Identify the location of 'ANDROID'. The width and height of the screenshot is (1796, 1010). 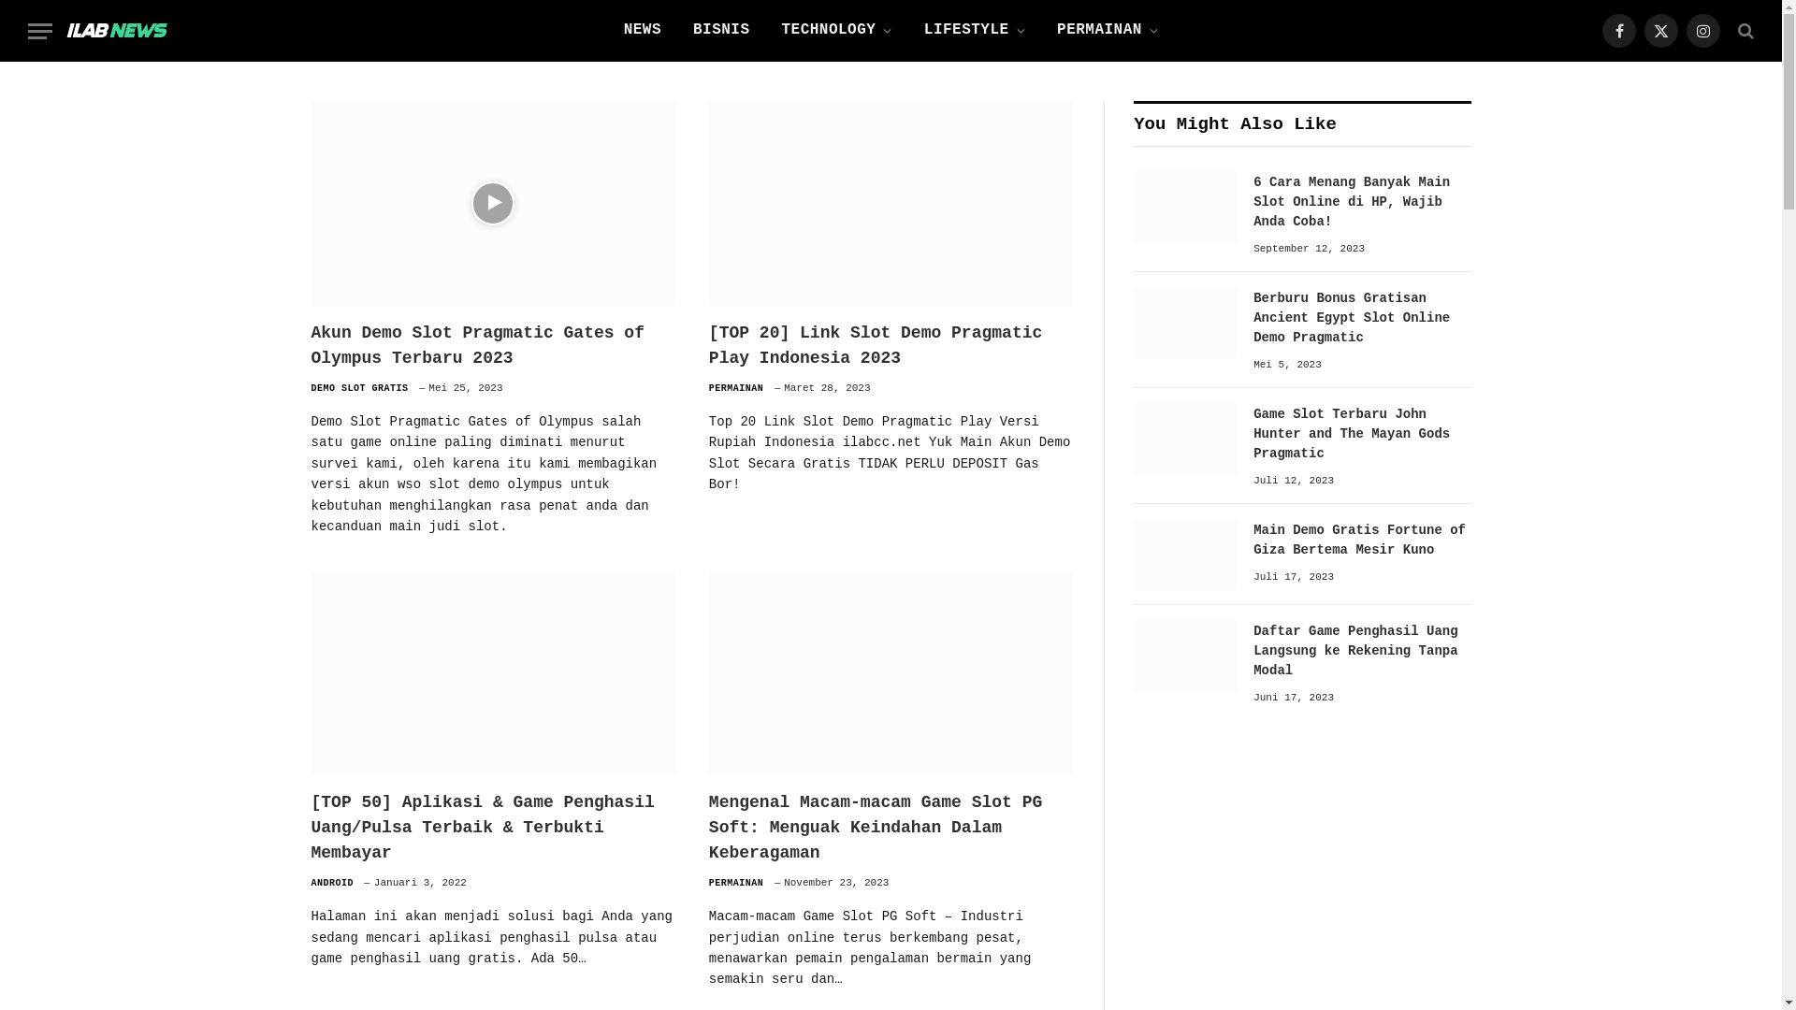
(332, 883).